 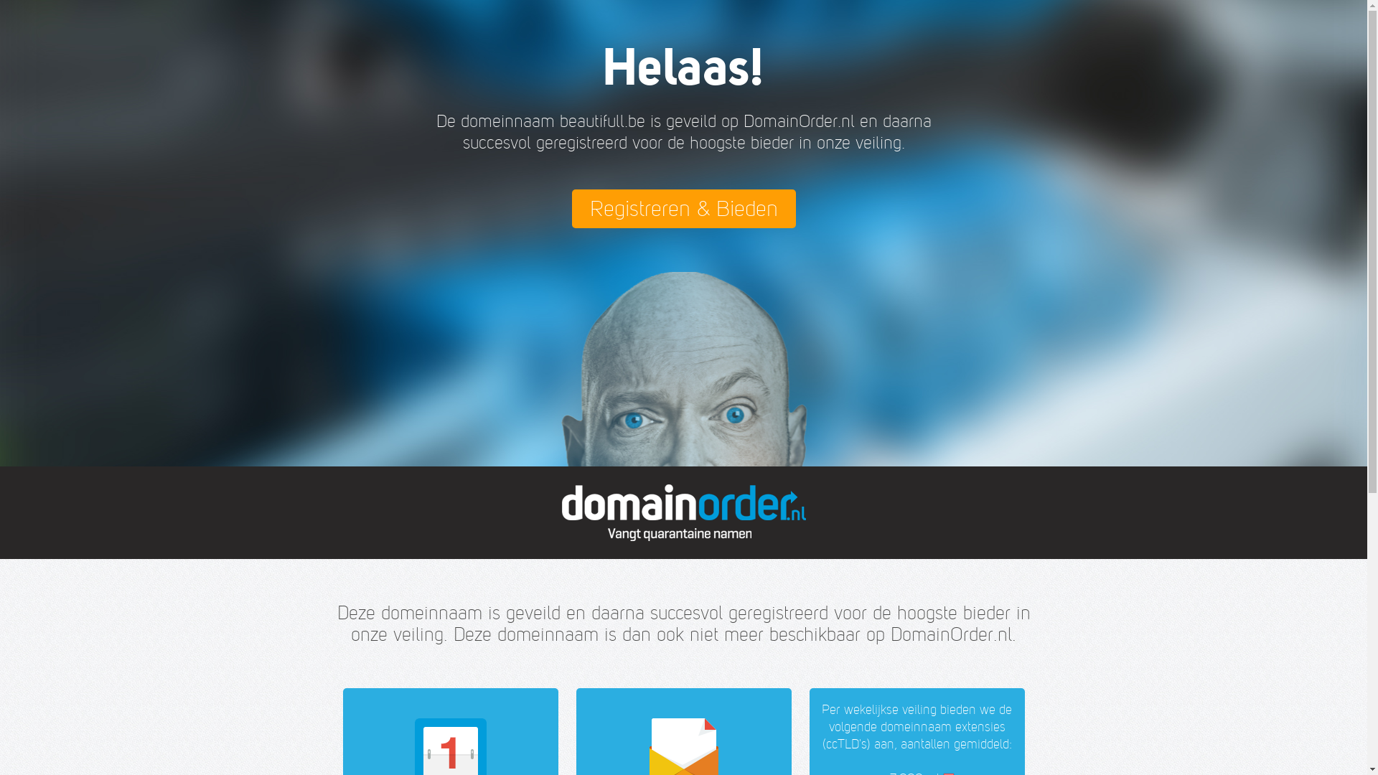 I want to click on 'Registreren & Bieden', so click(x=682, y=208).